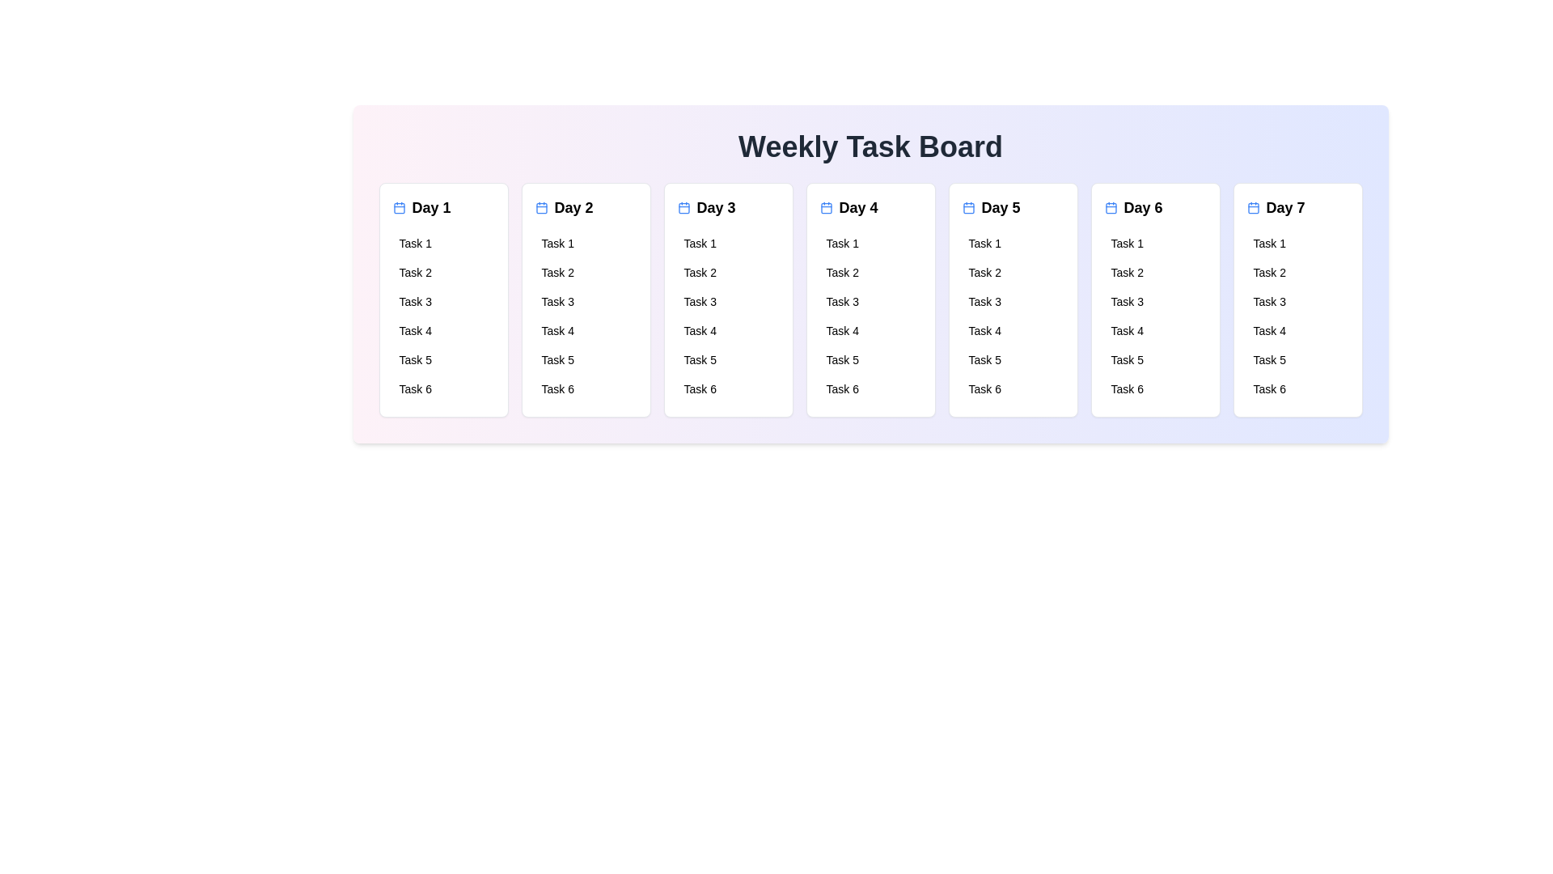  Describe the element at coordinates (727, 299) in the screenshot. I see `the tasks for Day 3 by interacting with the corresponding day card` at that location.